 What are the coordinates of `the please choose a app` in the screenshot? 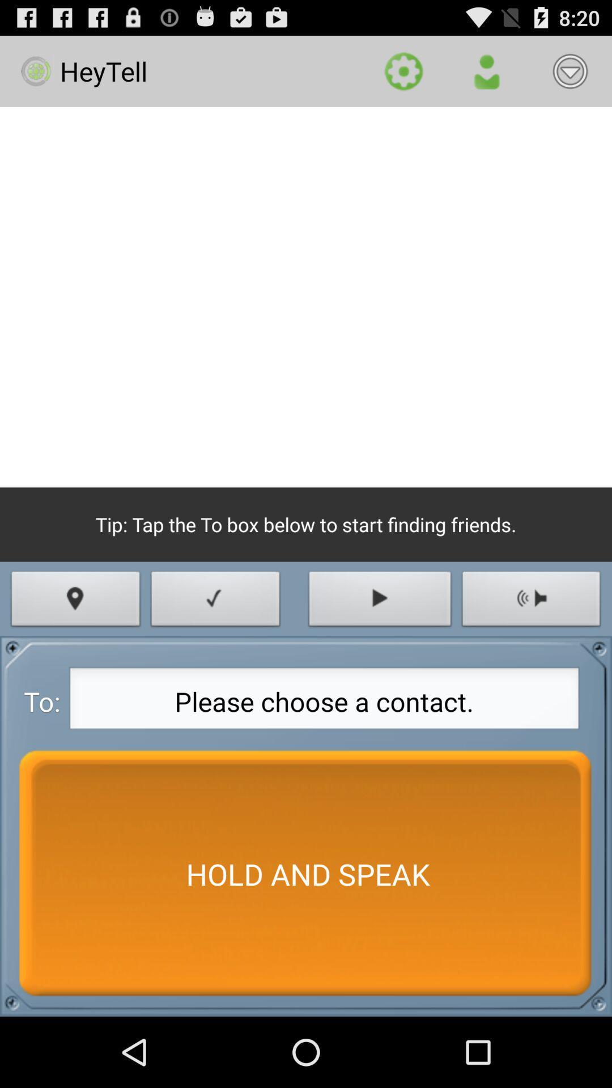 It's located at (324, 701).